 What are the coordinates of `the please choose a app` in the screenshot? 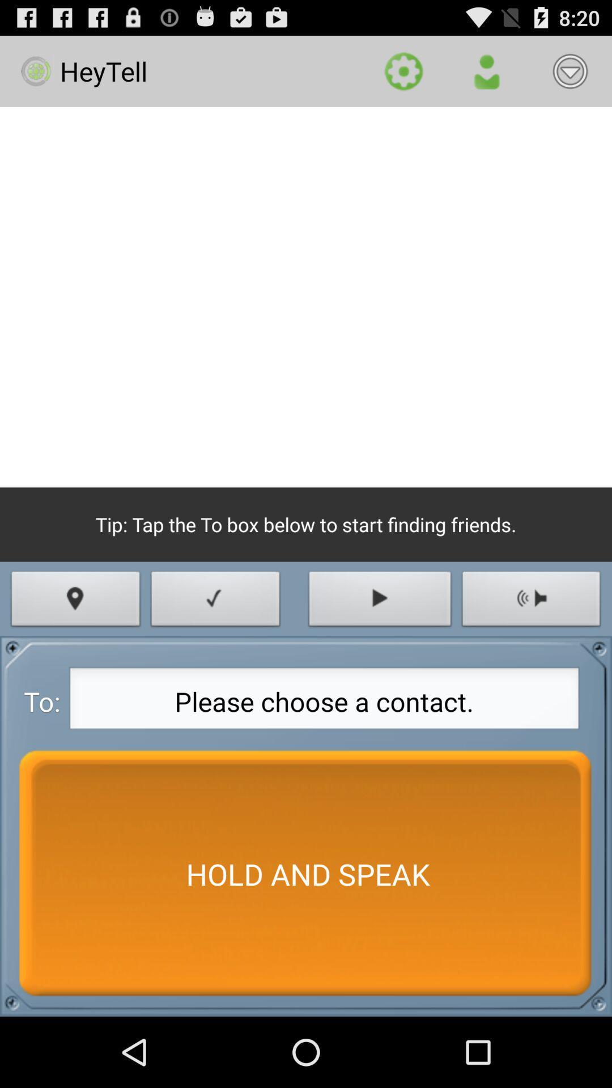 It's located at (324, 701).